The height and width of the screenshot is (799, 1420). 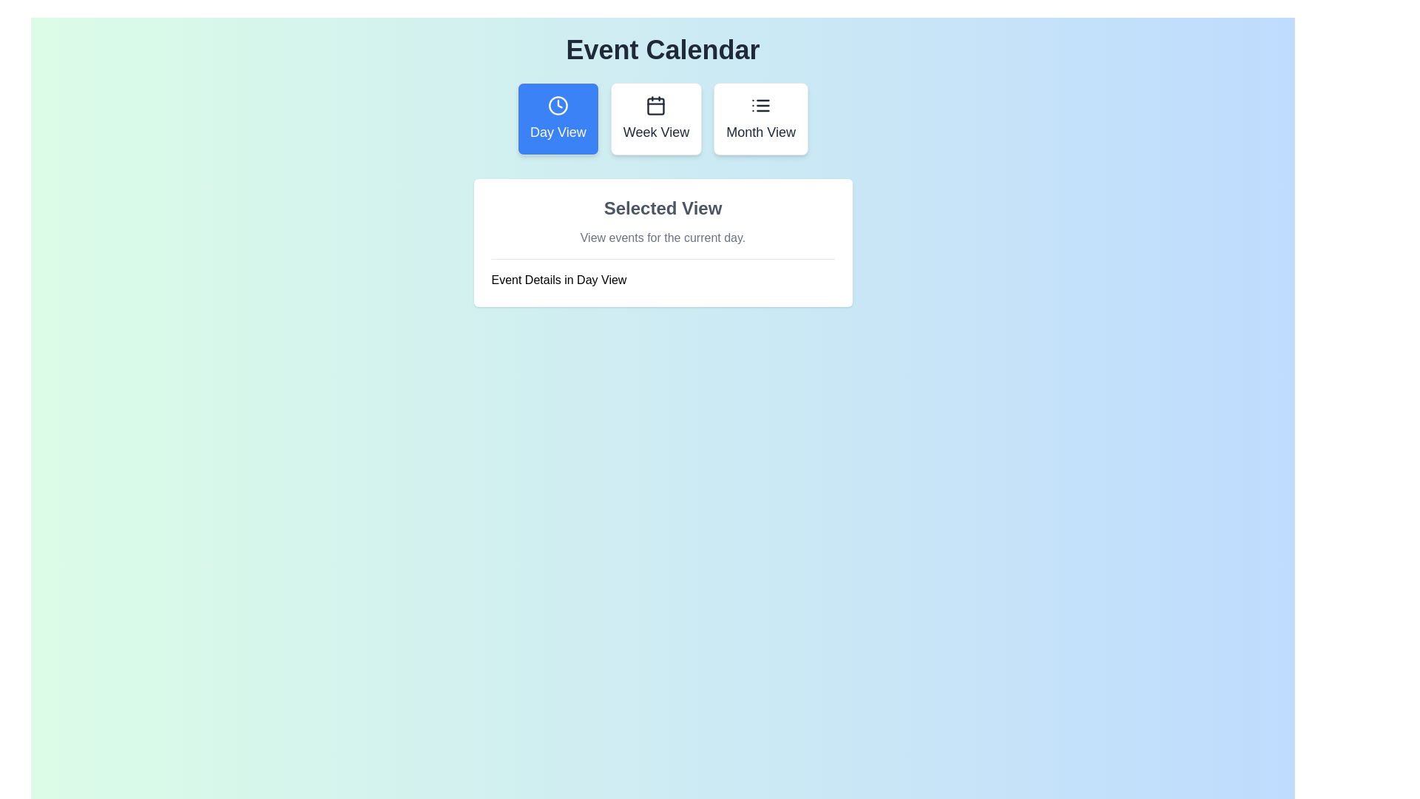 I want to click on the button labeled 'Week View' to observe its hover effect, so click(x=655, y=118).